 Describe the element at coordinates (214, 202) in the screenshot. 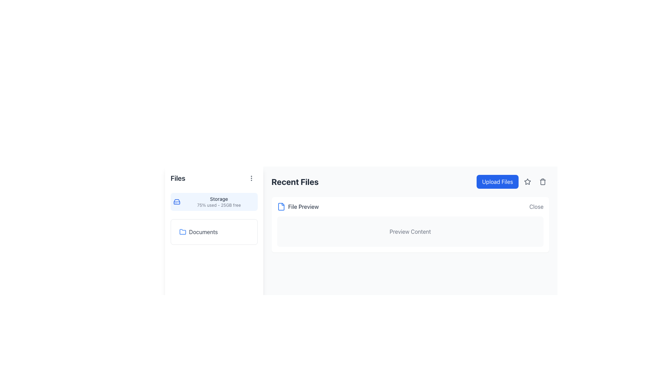

I see `the 'Storage' text block with the associated hard drive icon` at that location.